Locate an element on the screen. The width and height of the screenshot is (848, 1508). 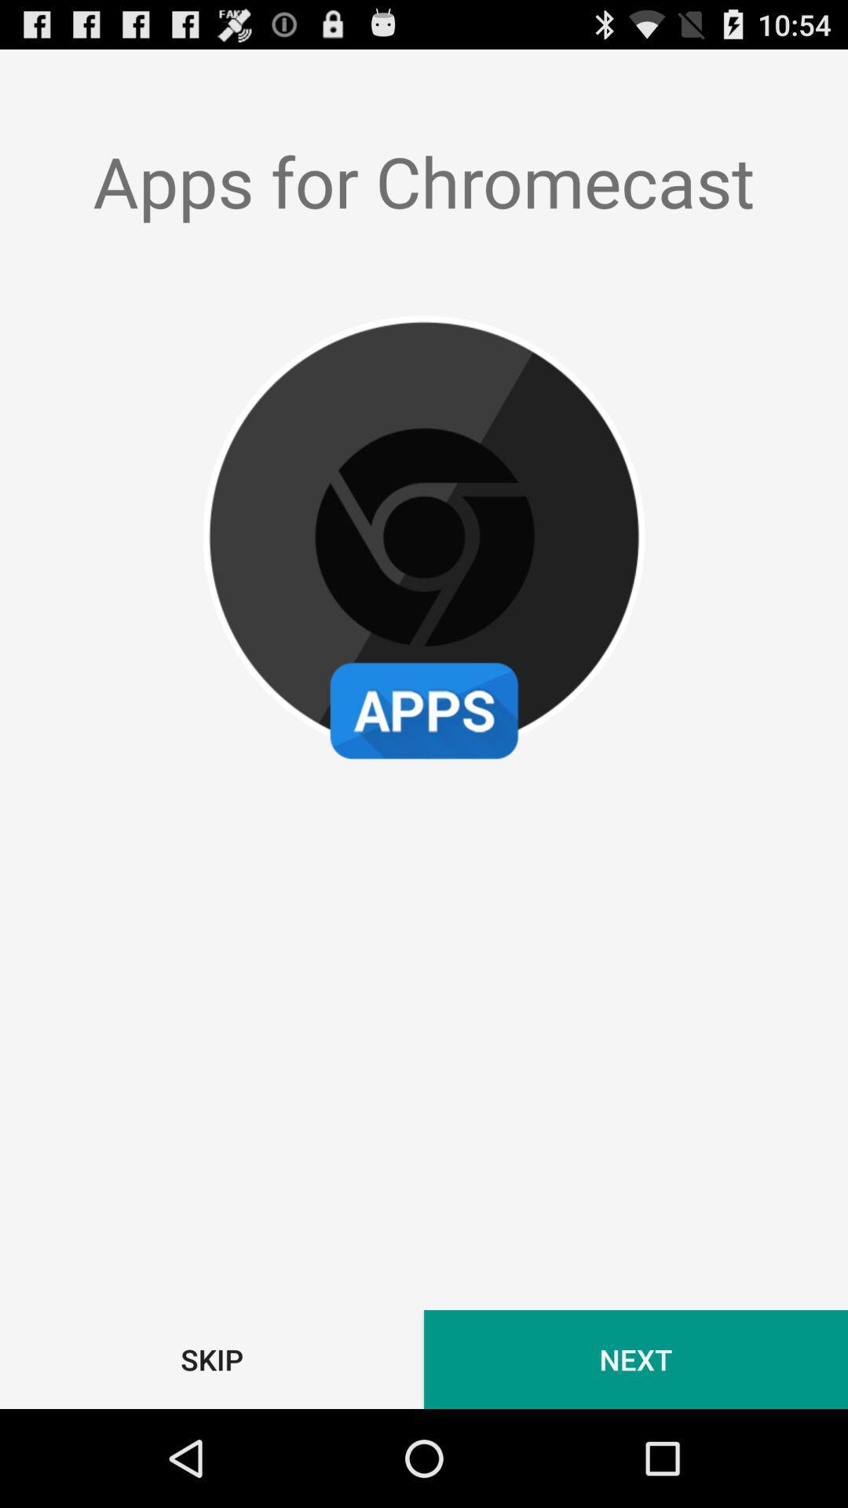
the next is located at coordinates (636, 1359).